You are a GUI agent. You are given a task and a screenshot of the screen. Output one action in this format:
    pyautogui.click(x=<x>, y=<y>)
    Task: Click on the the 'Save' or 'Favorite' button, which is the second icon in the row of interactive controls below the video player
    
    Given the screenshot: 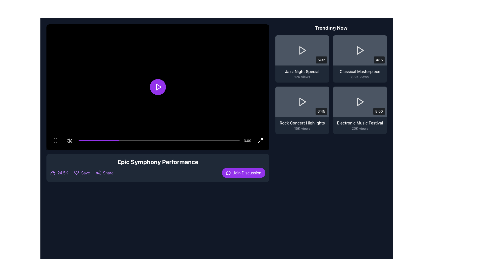 What is the action you would take?
    pyautogui.click(x=76, y=172)
    